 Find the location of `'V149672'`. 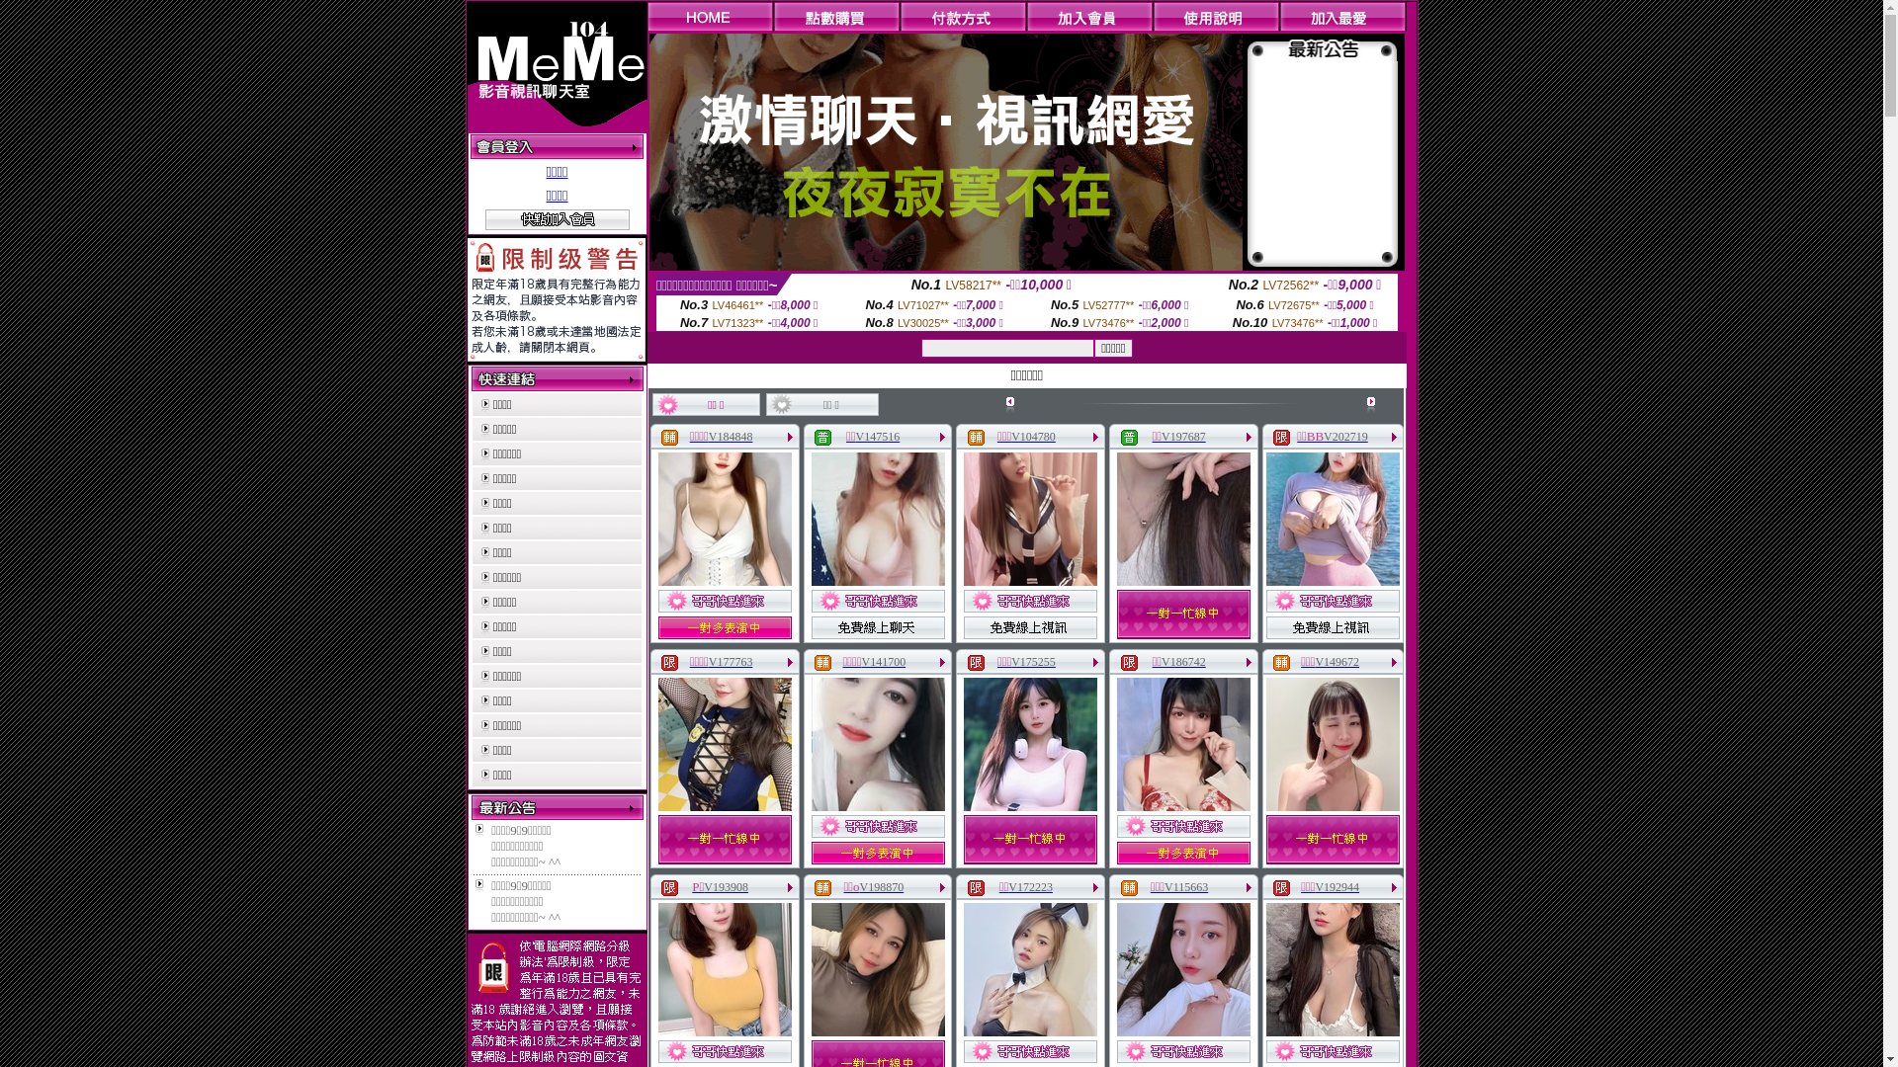

'V149672' is located at coordinates (1337, 662).